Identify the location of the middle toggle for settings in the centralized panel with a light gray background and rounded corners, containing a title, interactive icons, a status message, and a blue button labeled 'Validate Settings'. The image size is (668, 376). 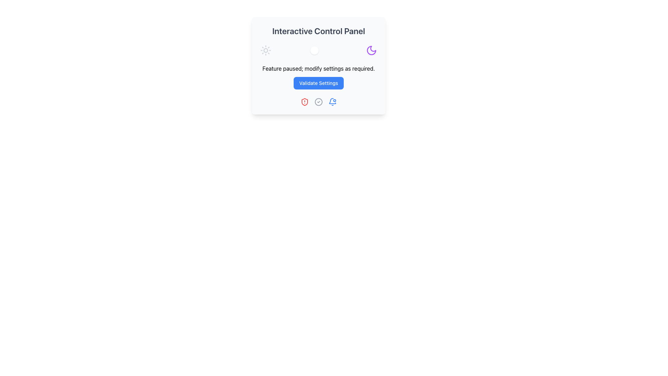
(318, 66).